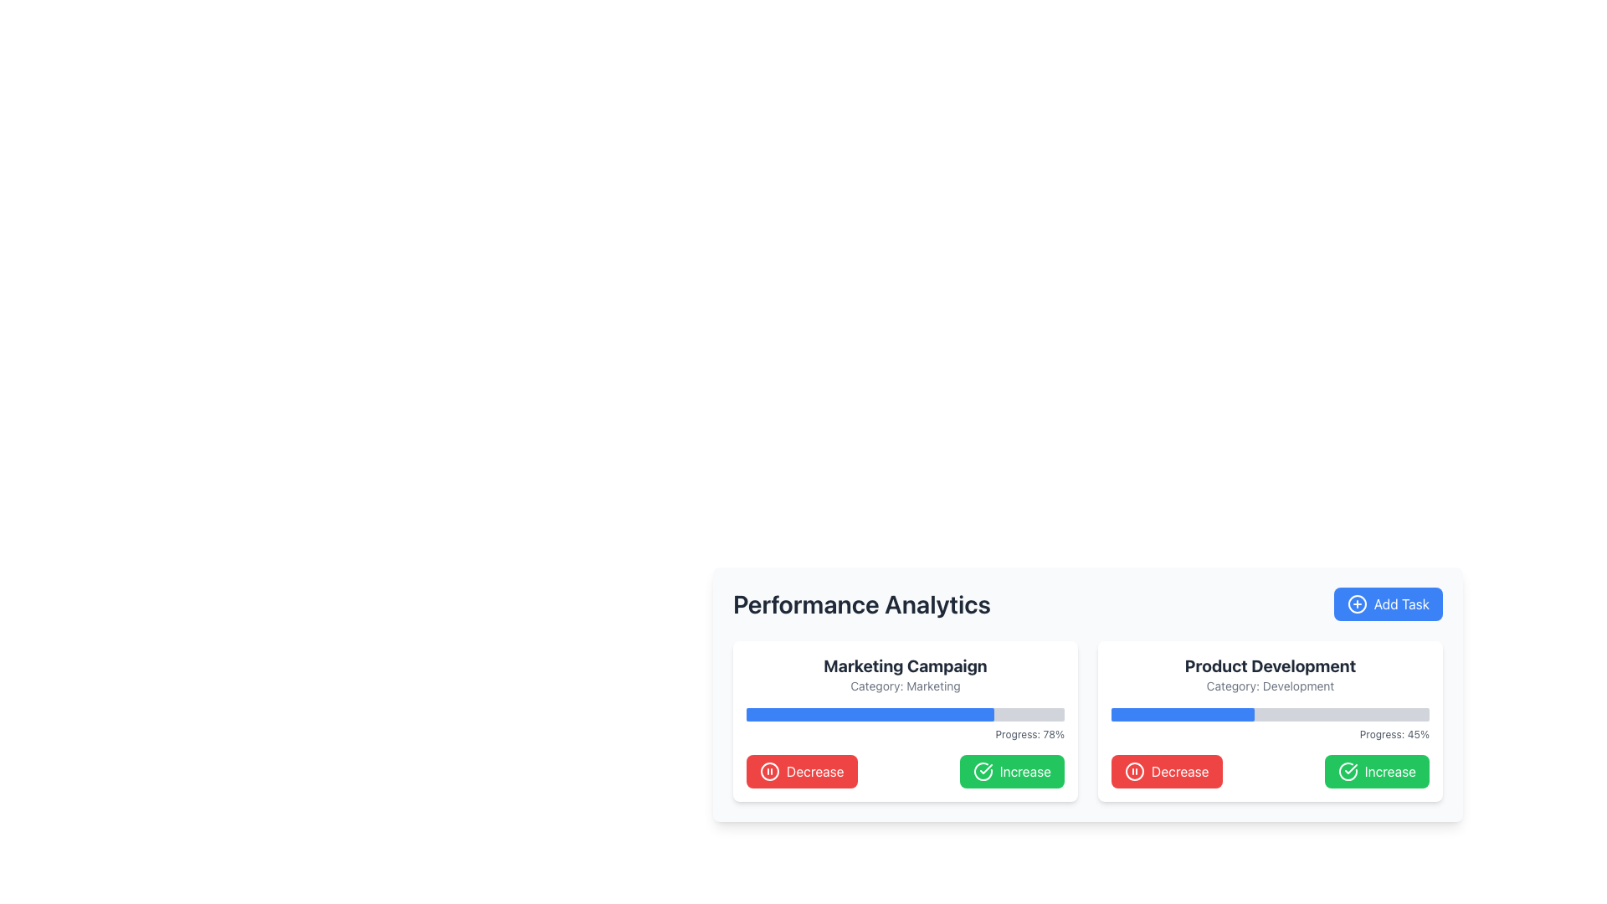  What do you see at coordinates (1166, 771) in the screenshot?
I see `the red 'Decrease' button with a pause icon, which is the first button in the row below the progress bar` at bounding box center [1166, 771].